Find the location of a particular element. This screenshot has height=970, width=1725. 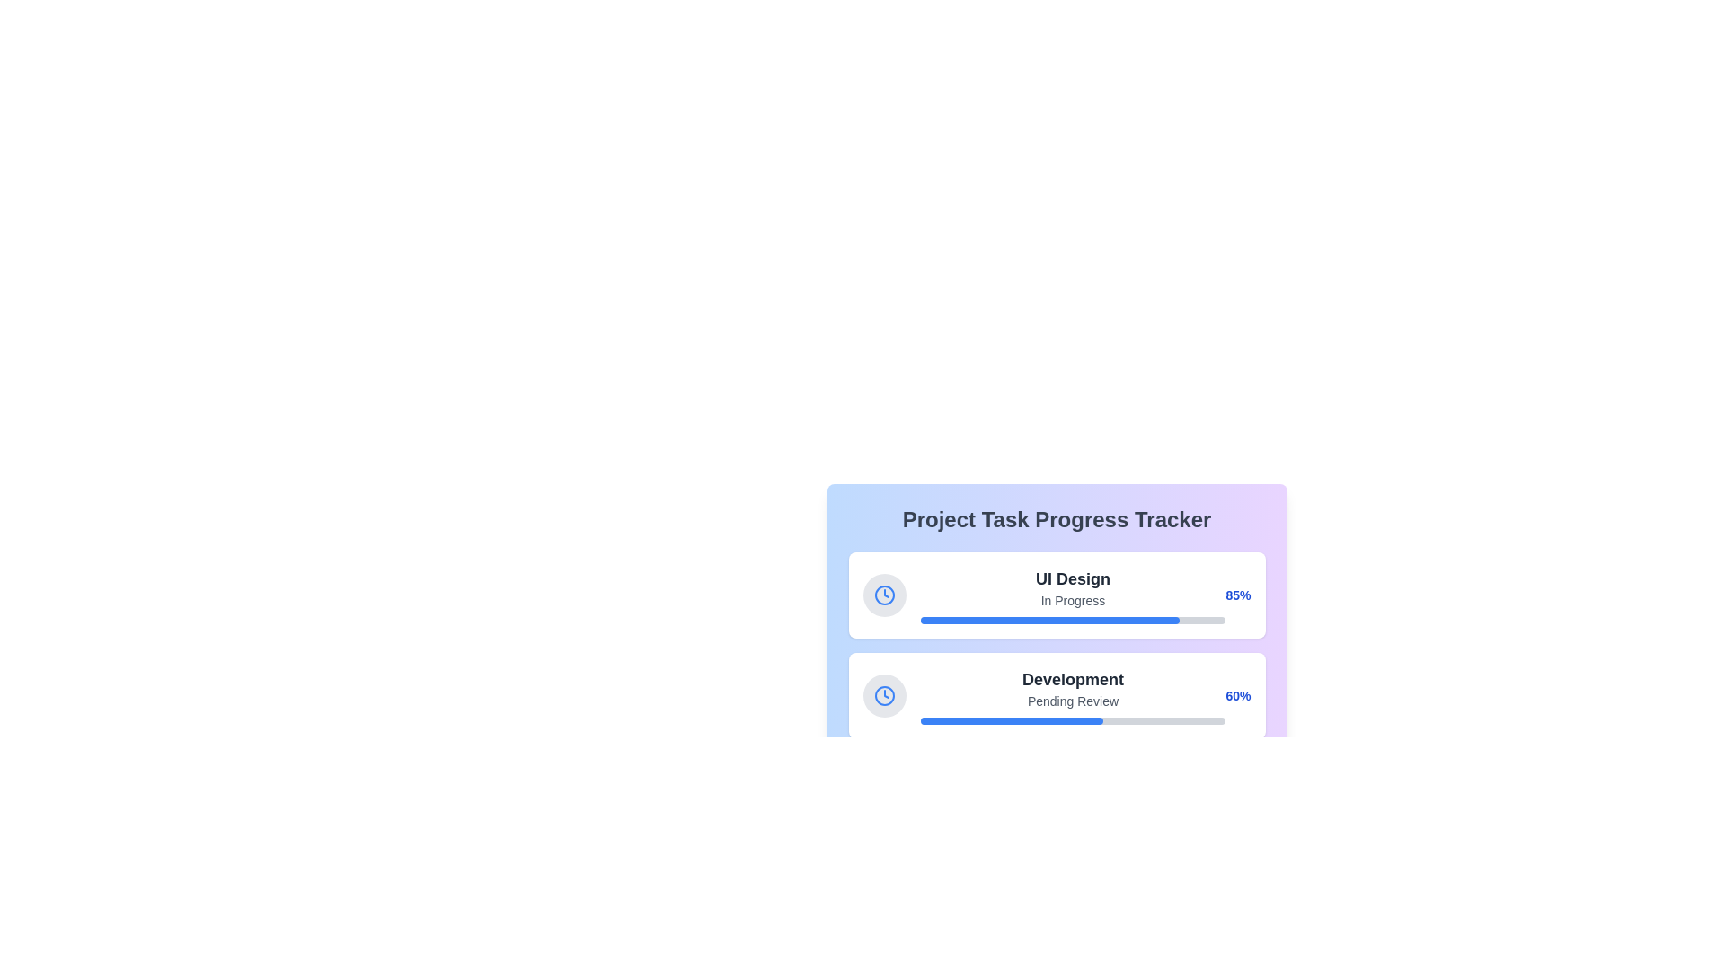

the icon located in the top-left corner of the card layout marked with 'Development' and 'Pending Review' which serves as a visual marker related to time or scheduling is located at coordinates (884, 695).